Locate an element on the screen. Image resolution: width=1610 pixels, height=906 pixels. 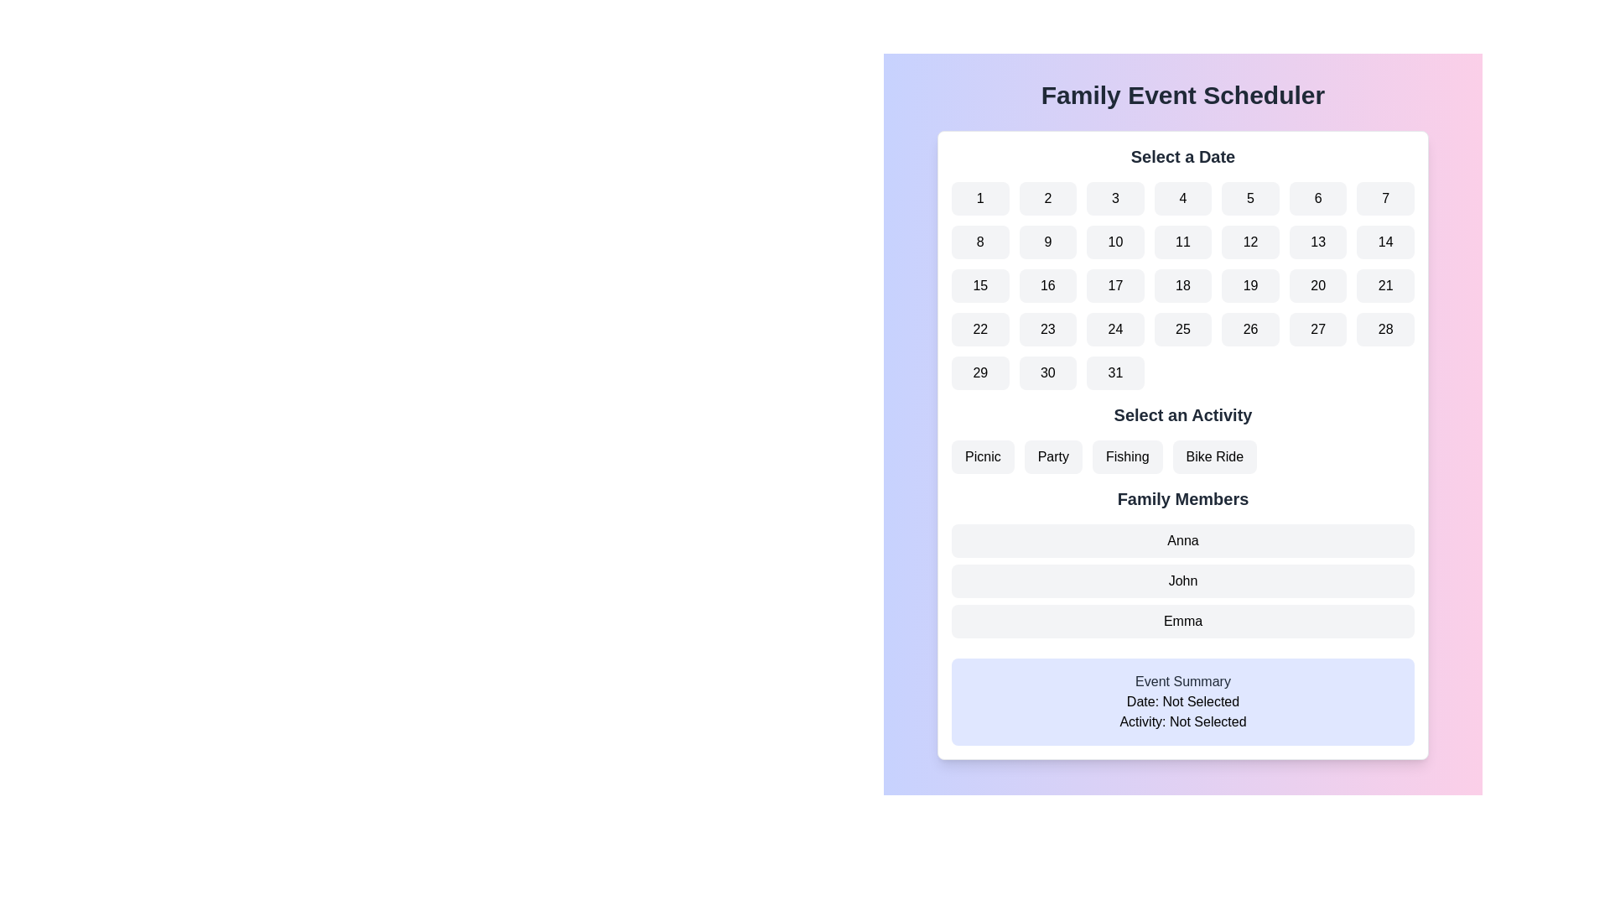
the rectangular button with the number '28' in bold black font is located at coordinates (1385, 330).